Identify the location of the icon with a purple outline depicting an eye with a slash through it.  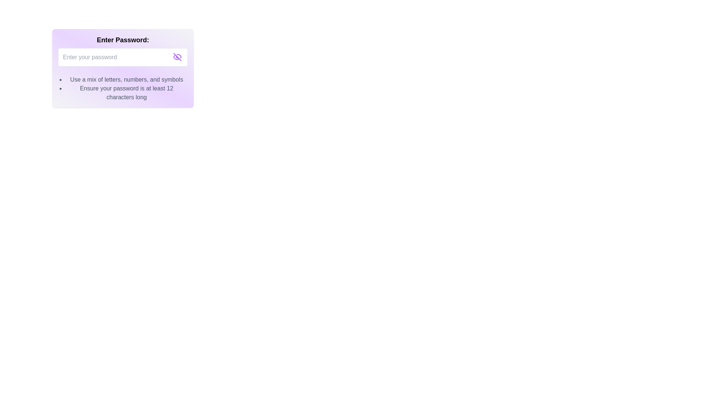
(177, 56).